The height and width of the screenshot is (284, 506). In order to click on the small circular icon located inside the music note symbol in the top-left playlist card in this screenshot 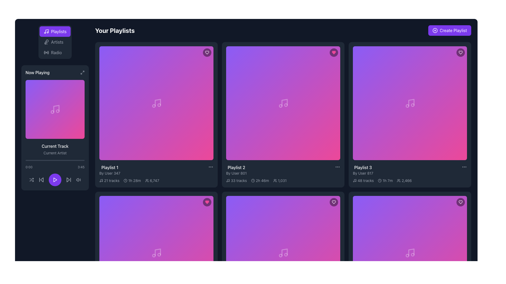, I will do `click(153, 106)`.